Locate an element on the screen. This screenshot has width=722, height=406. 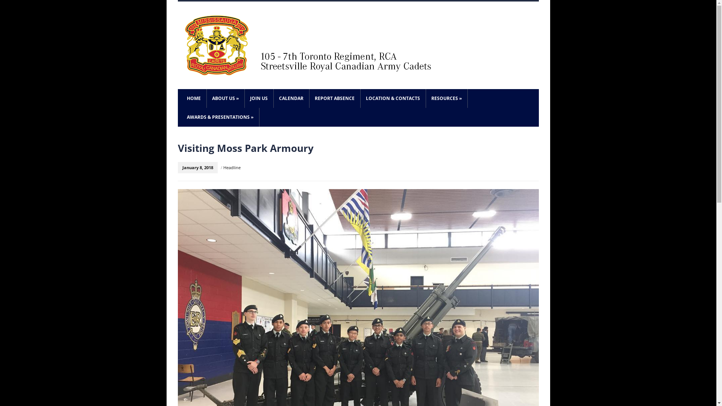
'LOCATION & CONTACTS' is located at coordinates (392, 98).